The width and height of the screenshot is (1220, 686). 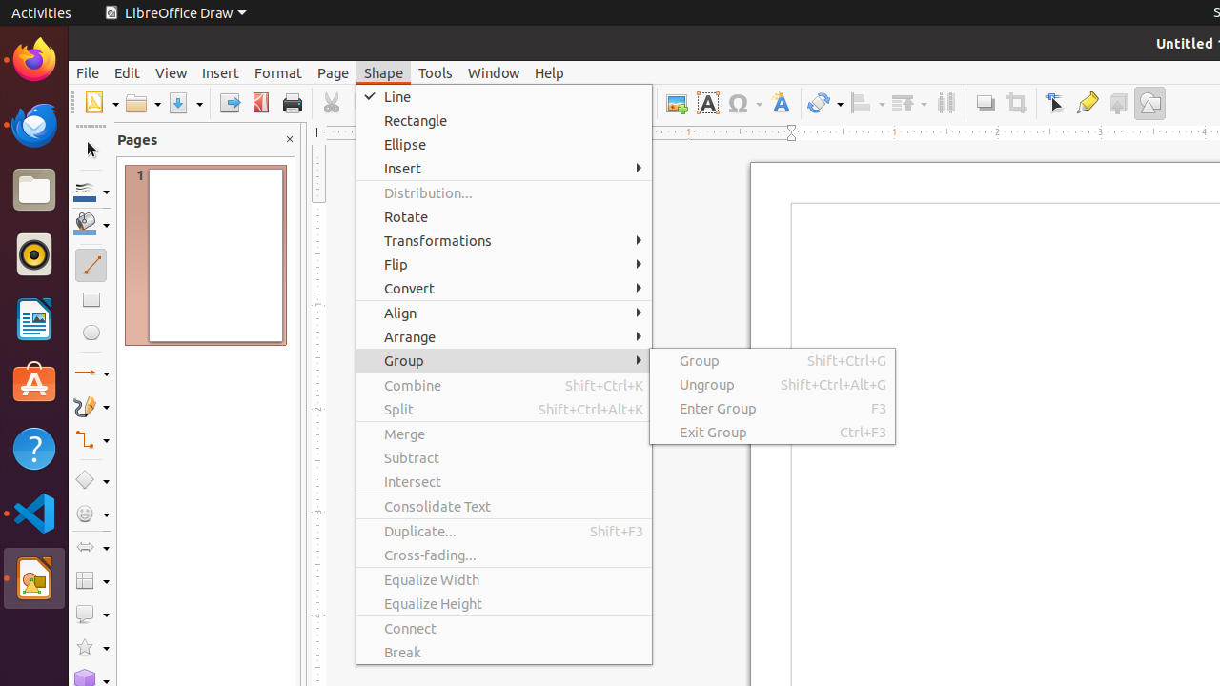 What do you see at coordinates (1087, 103) in the screenshot?
I see `'Glue Points'` at bounding box center [1087, 103].